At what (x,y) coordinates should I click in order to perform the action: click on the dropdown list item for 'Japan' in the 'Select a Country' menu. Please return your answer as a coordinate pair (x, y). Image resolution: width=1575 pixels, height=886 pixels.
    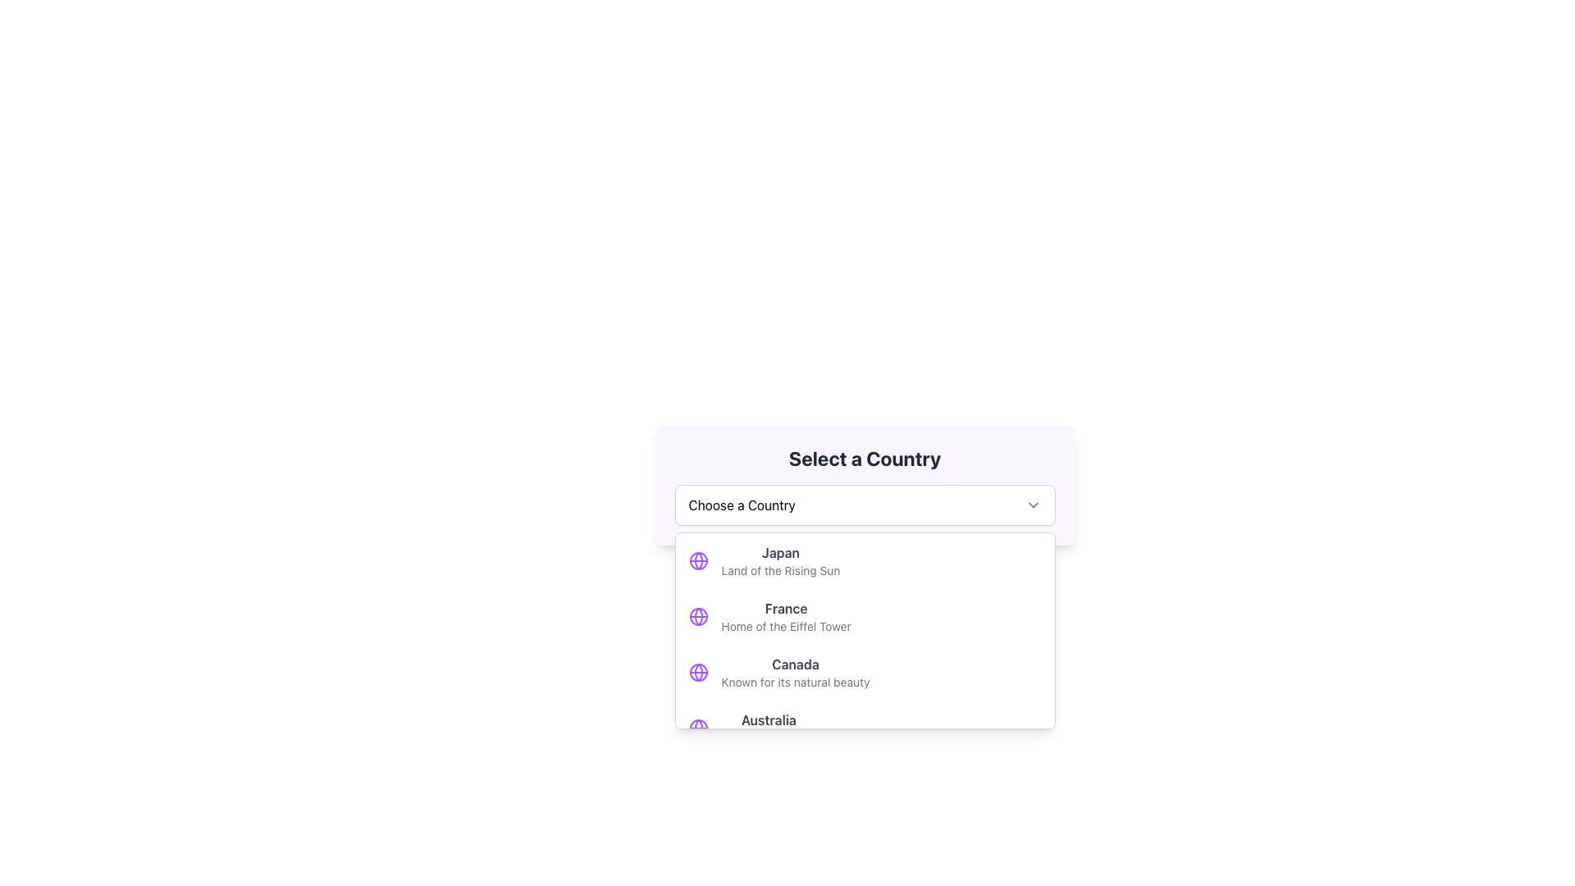
    Looking at the image, I should click on (864, 559).